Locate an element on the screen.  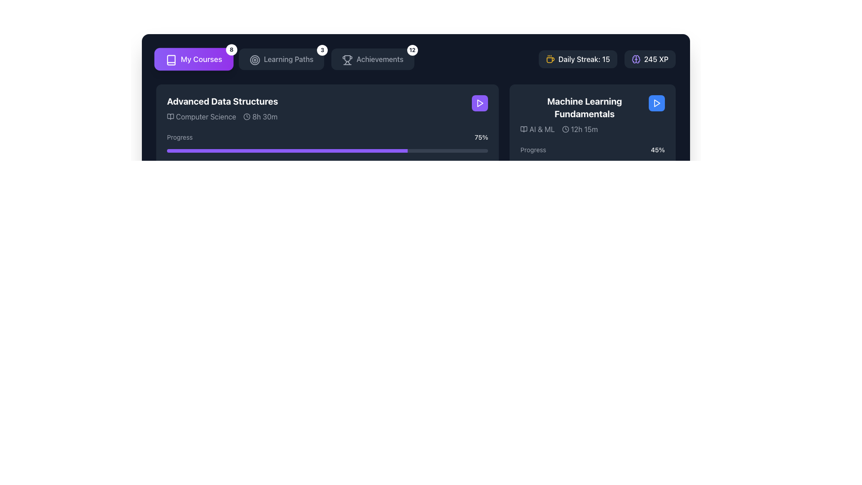
the Text Label displaying '245 XP' located in the top-right section of the interface, adjacent to an icon resembling a brain is located at coordinates (656, 59).